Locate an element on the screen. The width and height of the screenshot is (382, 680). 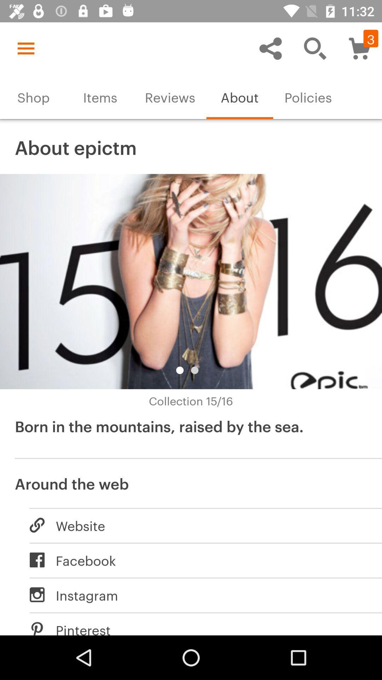
icon below facebook is located at coordinates (198, 595).